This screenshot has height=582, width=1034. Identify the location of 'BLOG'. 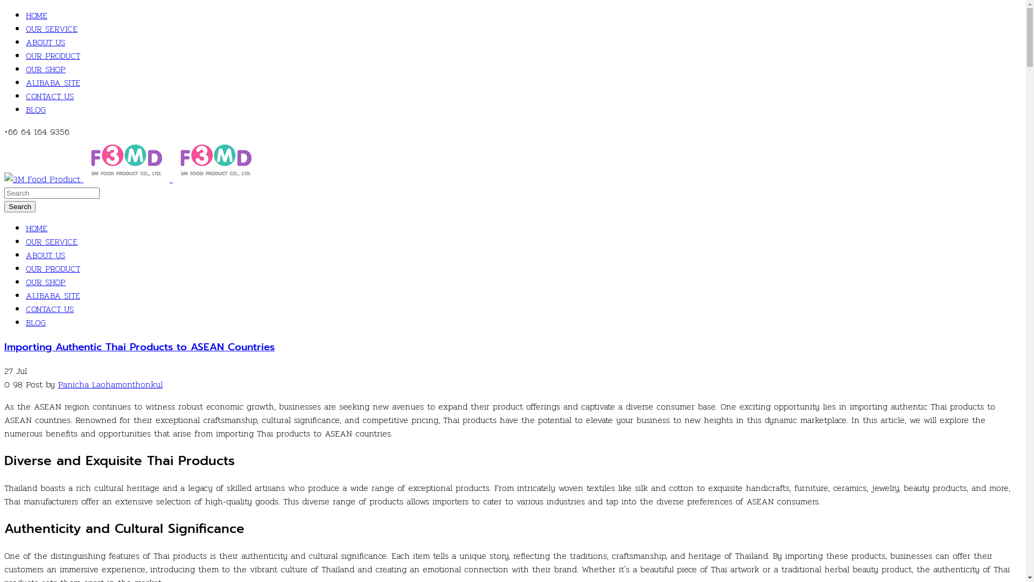
(36, 322).